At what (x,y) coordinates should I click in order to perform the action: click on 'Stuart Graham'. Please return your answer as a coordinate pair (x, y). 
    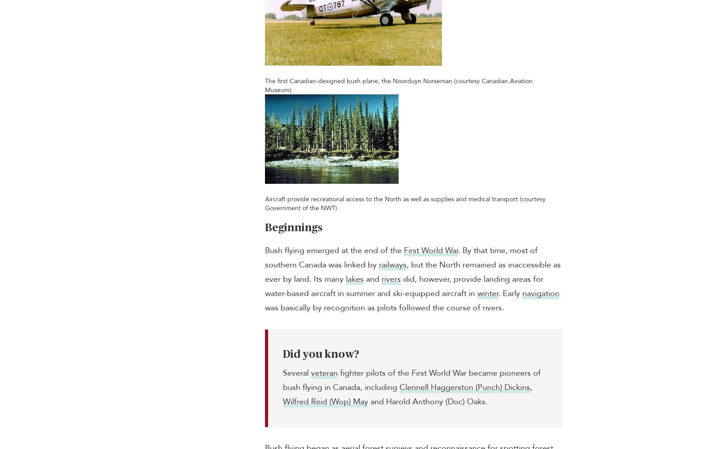
    Looking at the image, I should click on (643, 13).